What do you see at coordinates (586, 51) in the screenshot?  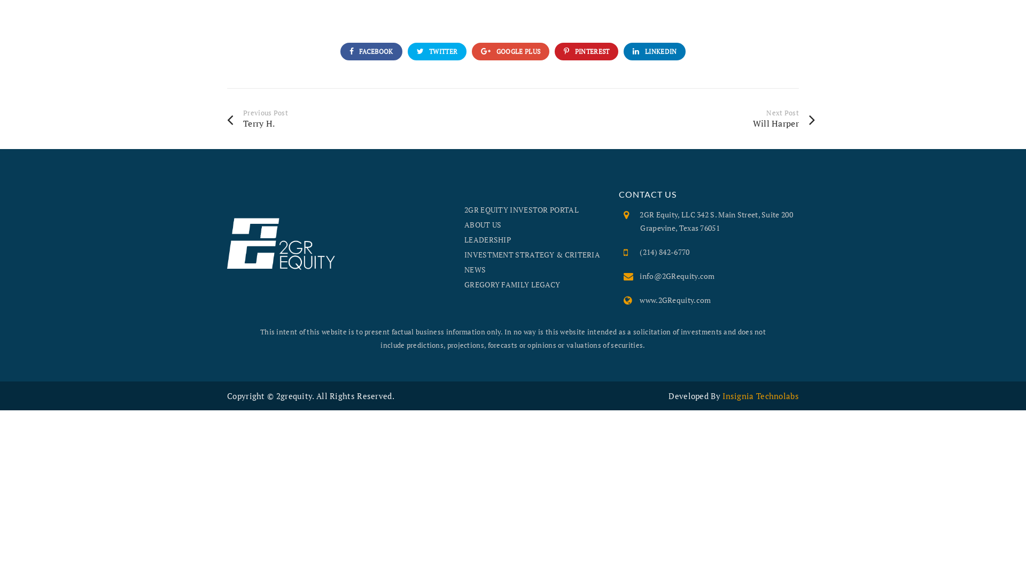 I see `'PINTEREST'` at bounding box center [586, 51].